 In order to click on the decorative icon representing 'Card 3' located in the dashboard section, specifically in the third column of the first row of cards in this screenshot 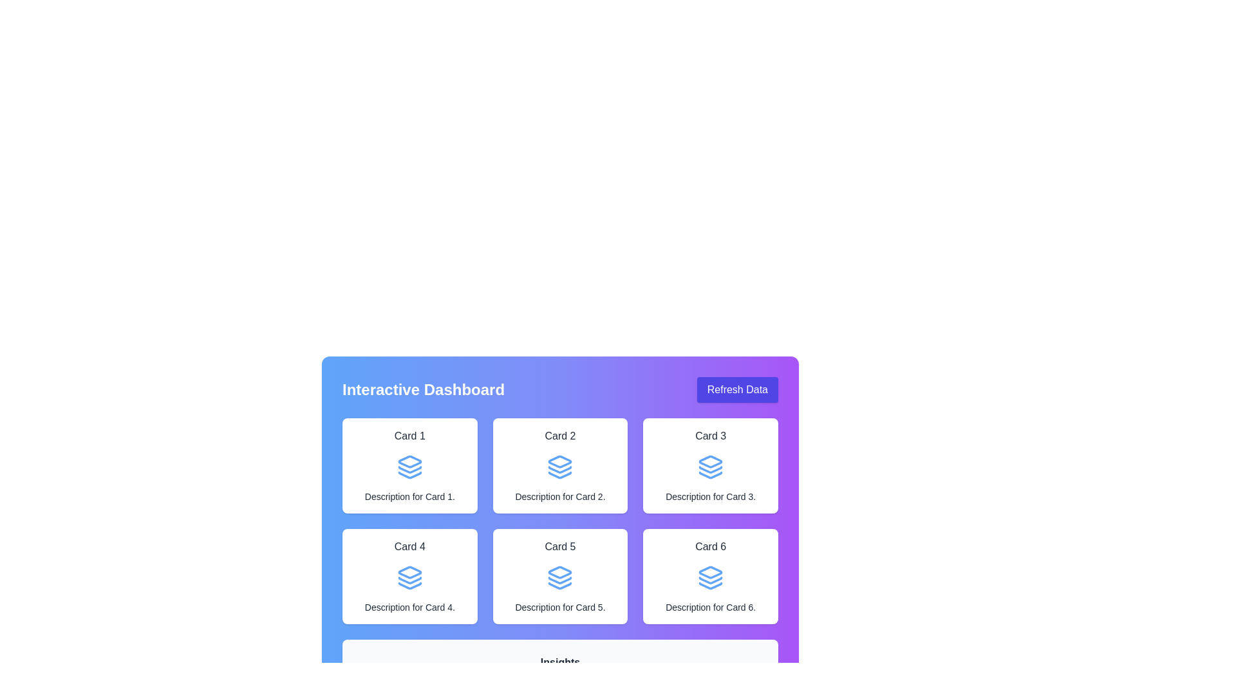, I will do `click(710, 475)`.